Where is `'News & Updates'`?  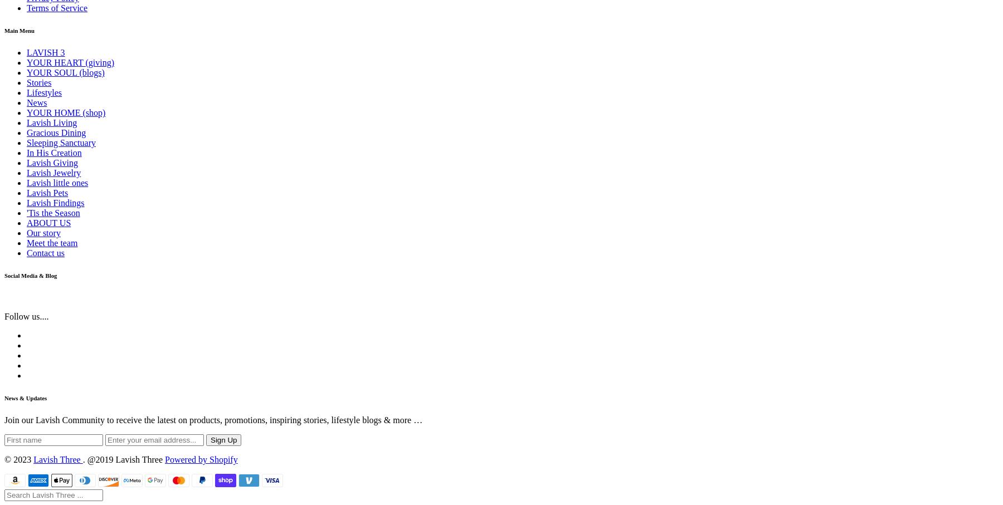 'News & Updates' is located at coordinates (25, 398).